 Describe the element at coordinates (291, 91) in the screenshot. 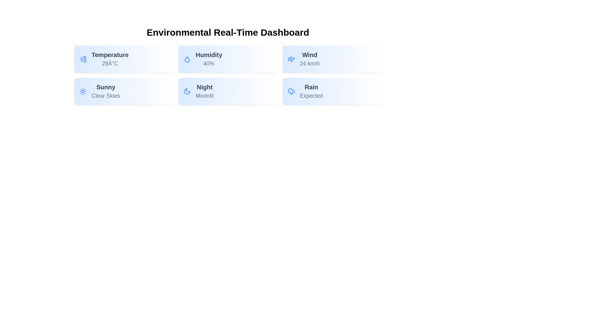

I see `the decorative icon that visually depicts the weather condition of rain located in the bottom-right of the layout` at that location.